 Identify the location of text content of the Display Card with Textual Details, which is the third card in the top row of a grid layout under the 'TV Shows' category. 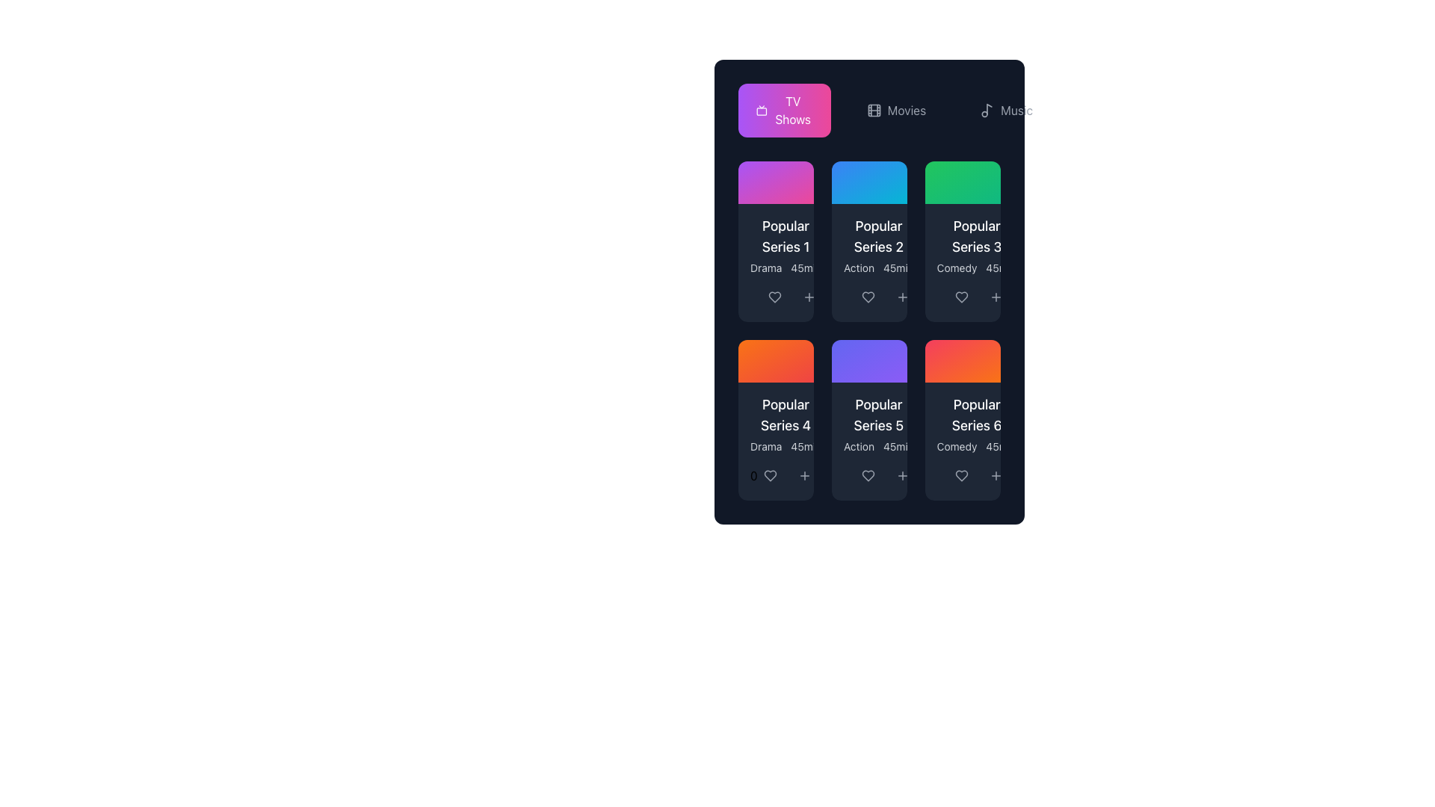
(963, 244).